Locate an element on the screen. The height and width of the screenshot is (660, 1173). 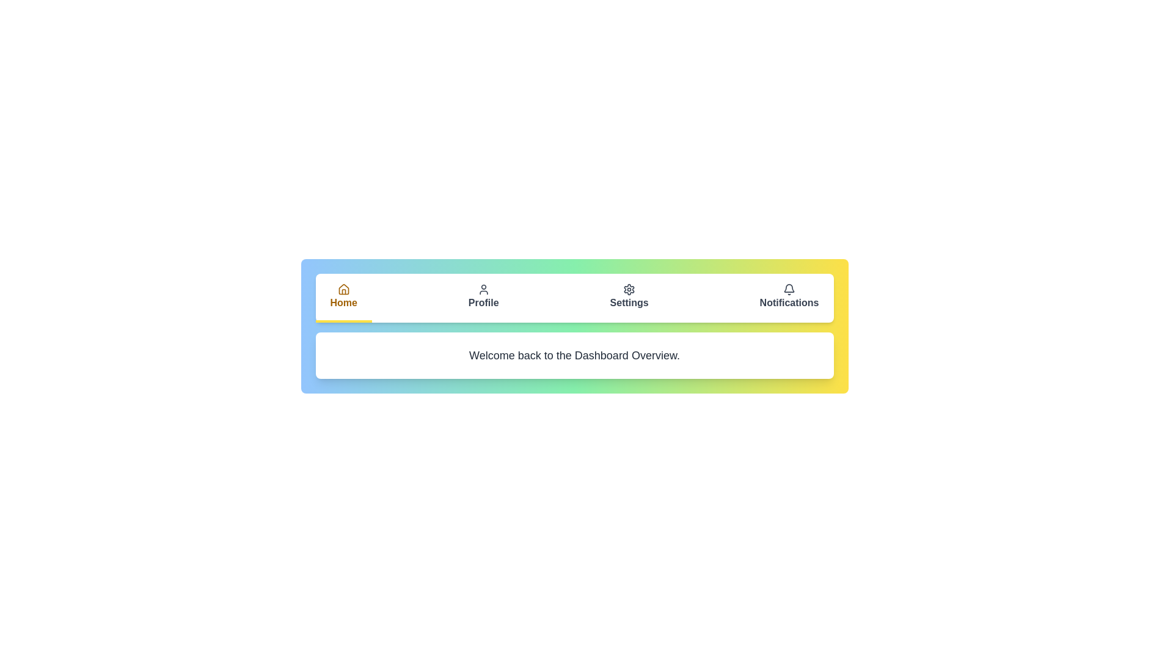
the cogwheel icon representing settings is located at coordinates (629, 290).